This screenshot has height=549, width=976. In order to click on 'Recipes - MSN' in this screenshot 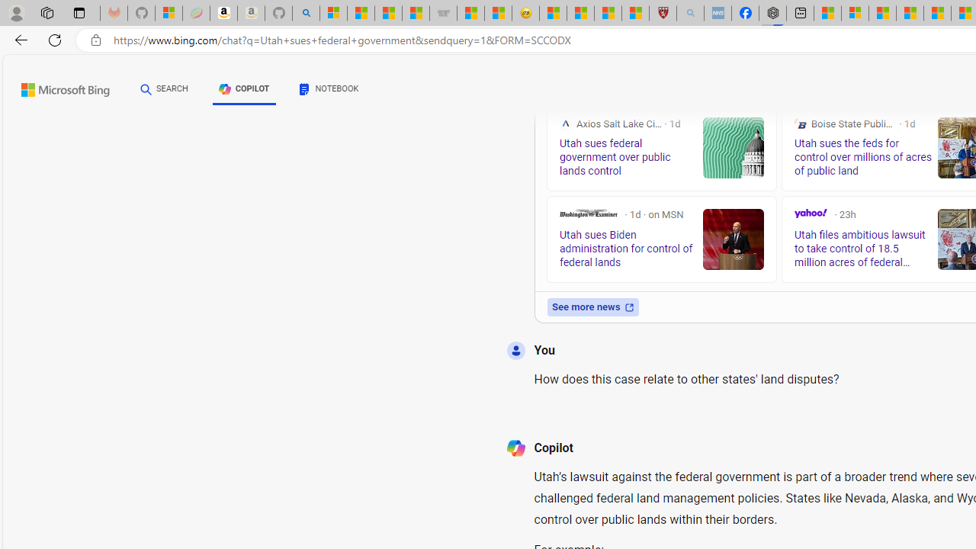, I will do `click(552, 13)`.